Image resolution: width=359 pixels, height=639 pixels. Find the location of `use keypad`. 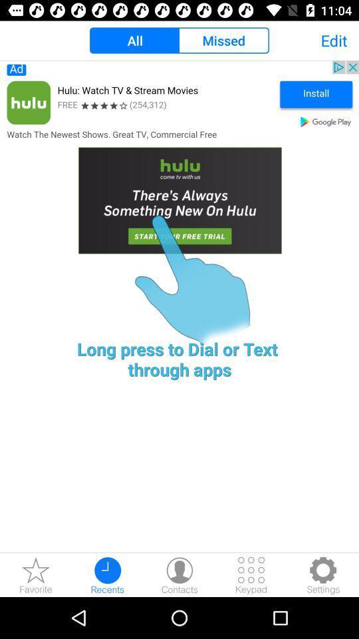

use keypad is located at coordinates (251, 574).